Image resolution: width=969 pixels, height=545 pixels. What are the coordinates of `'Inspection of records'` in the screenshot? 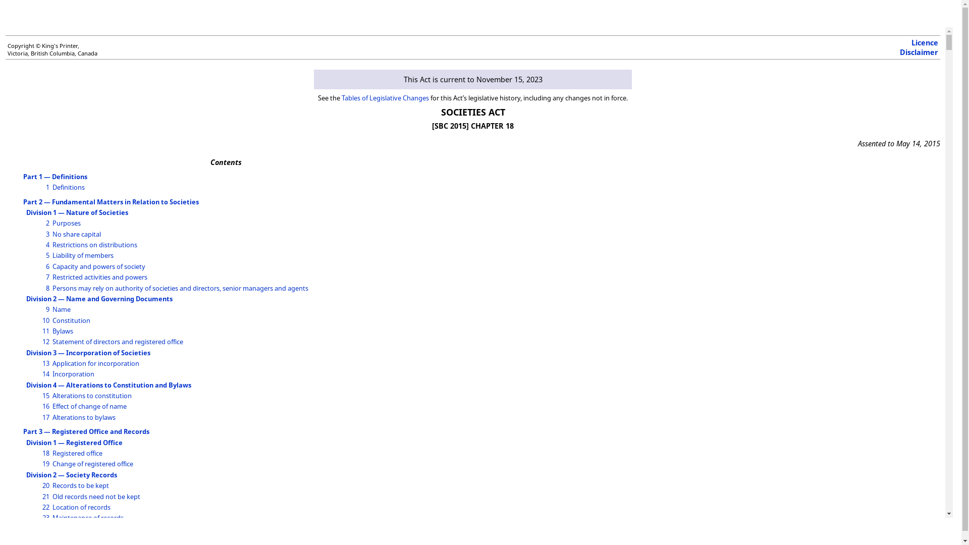 It's located at (84, 528).